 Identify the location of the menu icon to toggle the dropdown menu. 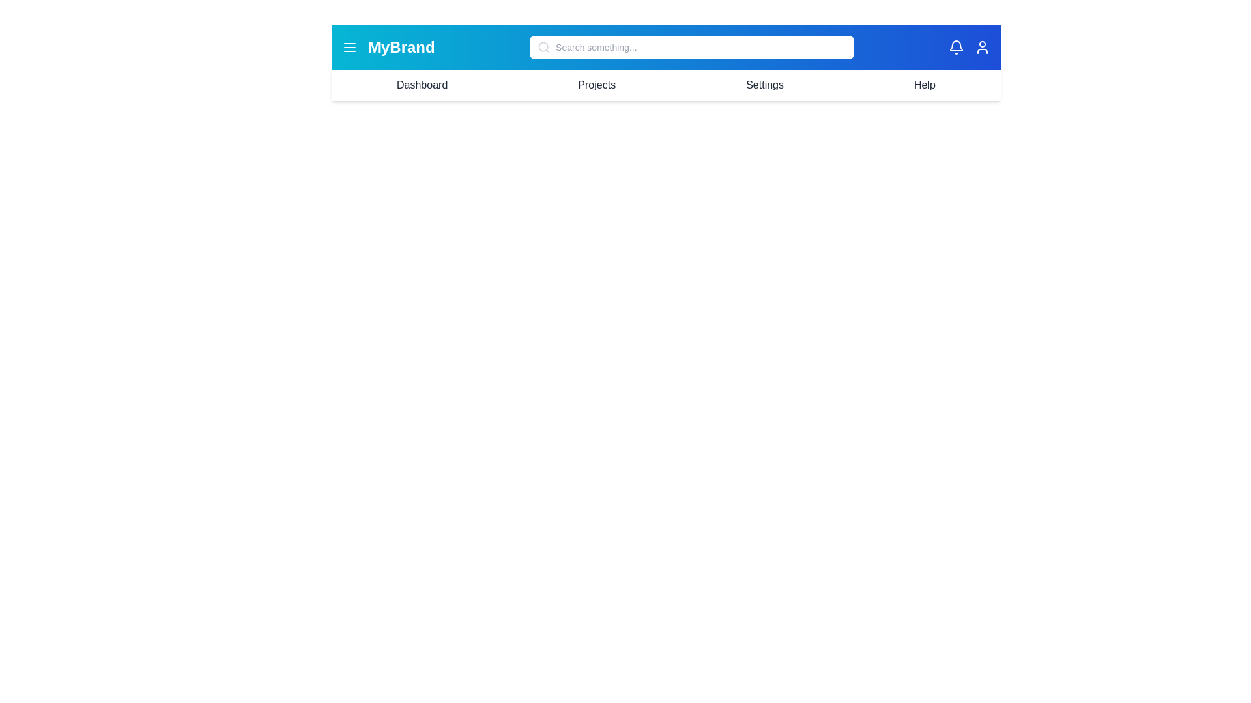
(350, 47).